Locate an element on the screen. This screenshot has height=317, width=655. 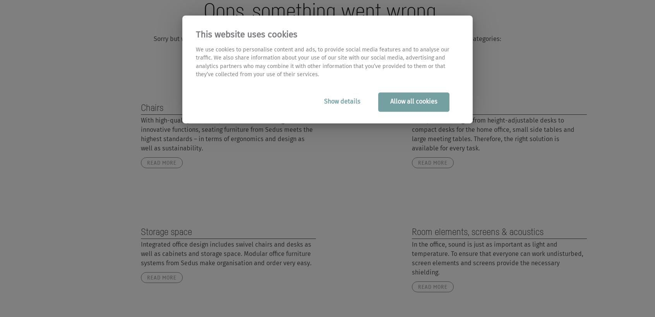
'This website uses cookies' is located at coordinates (196, 35).